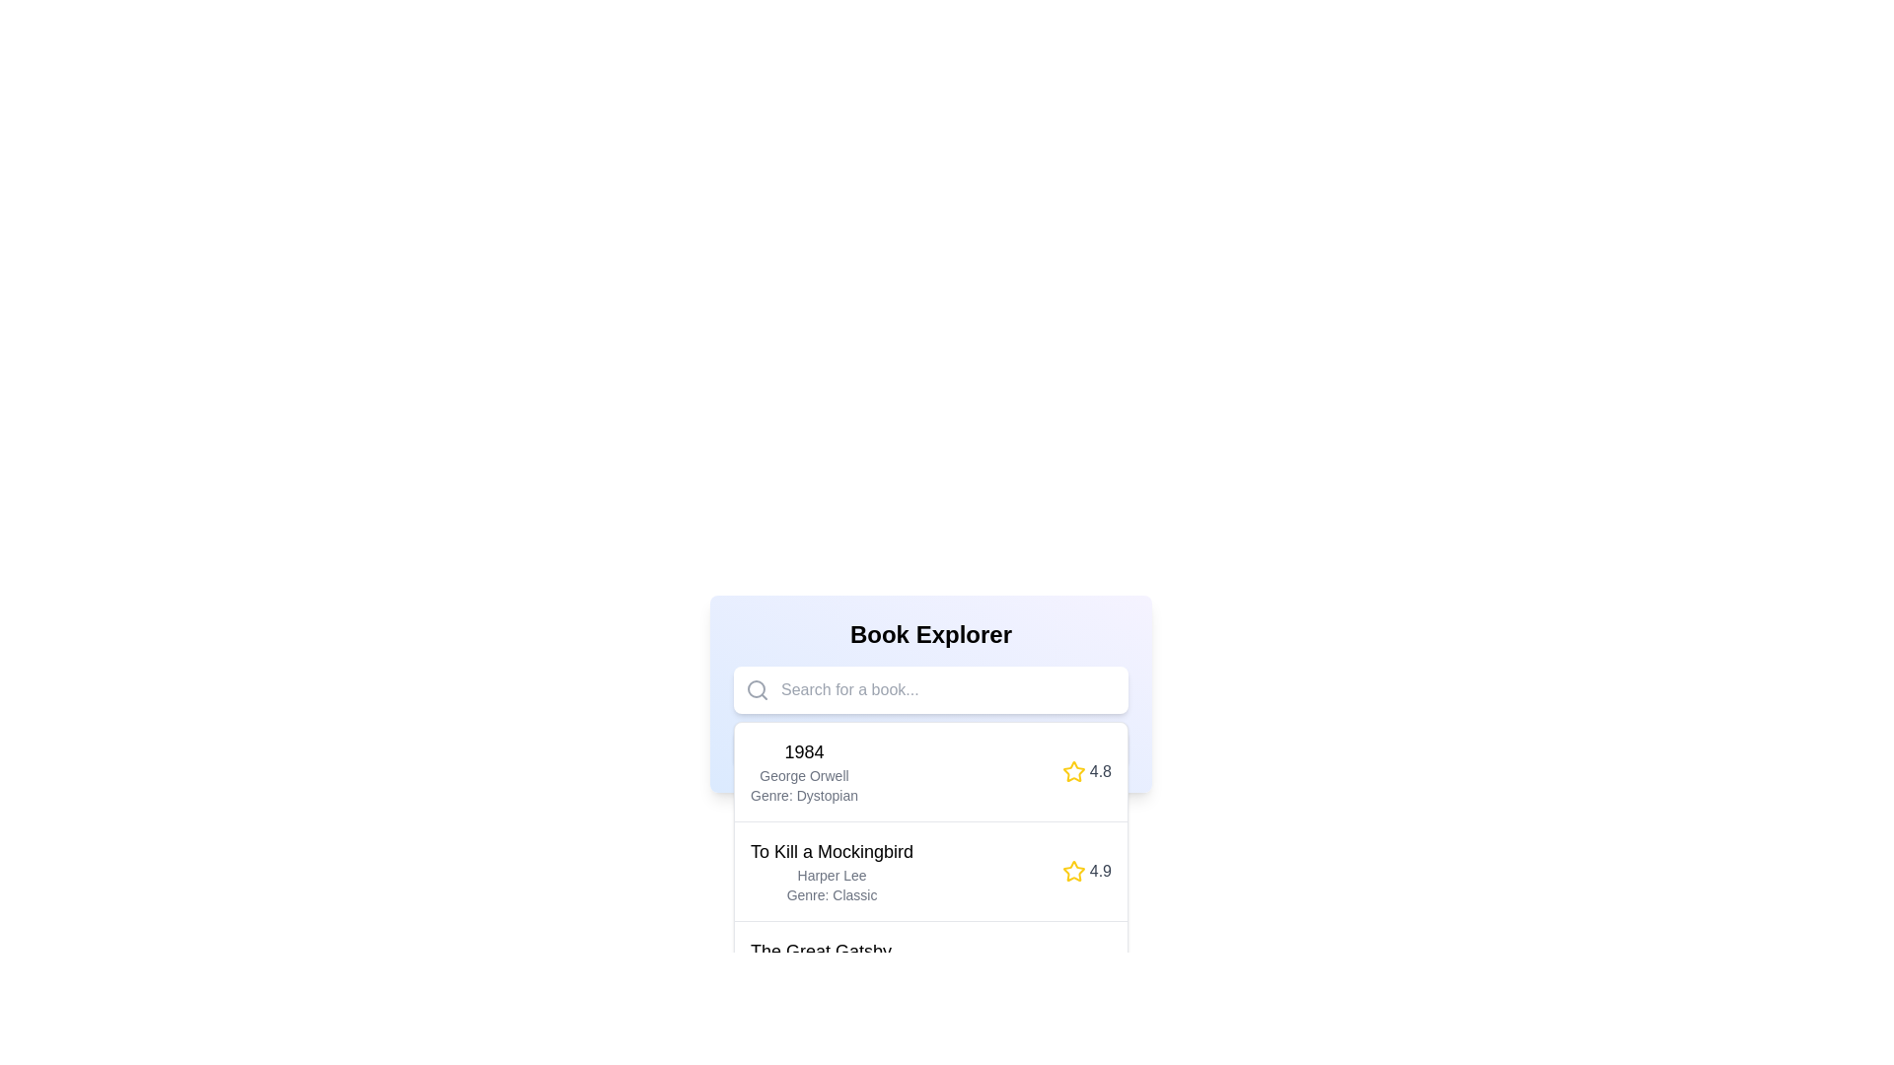  I want to click on the small circular magnifying glass icon located within the white search bar under the 'Book Explorer' heading, so click(757, 688).